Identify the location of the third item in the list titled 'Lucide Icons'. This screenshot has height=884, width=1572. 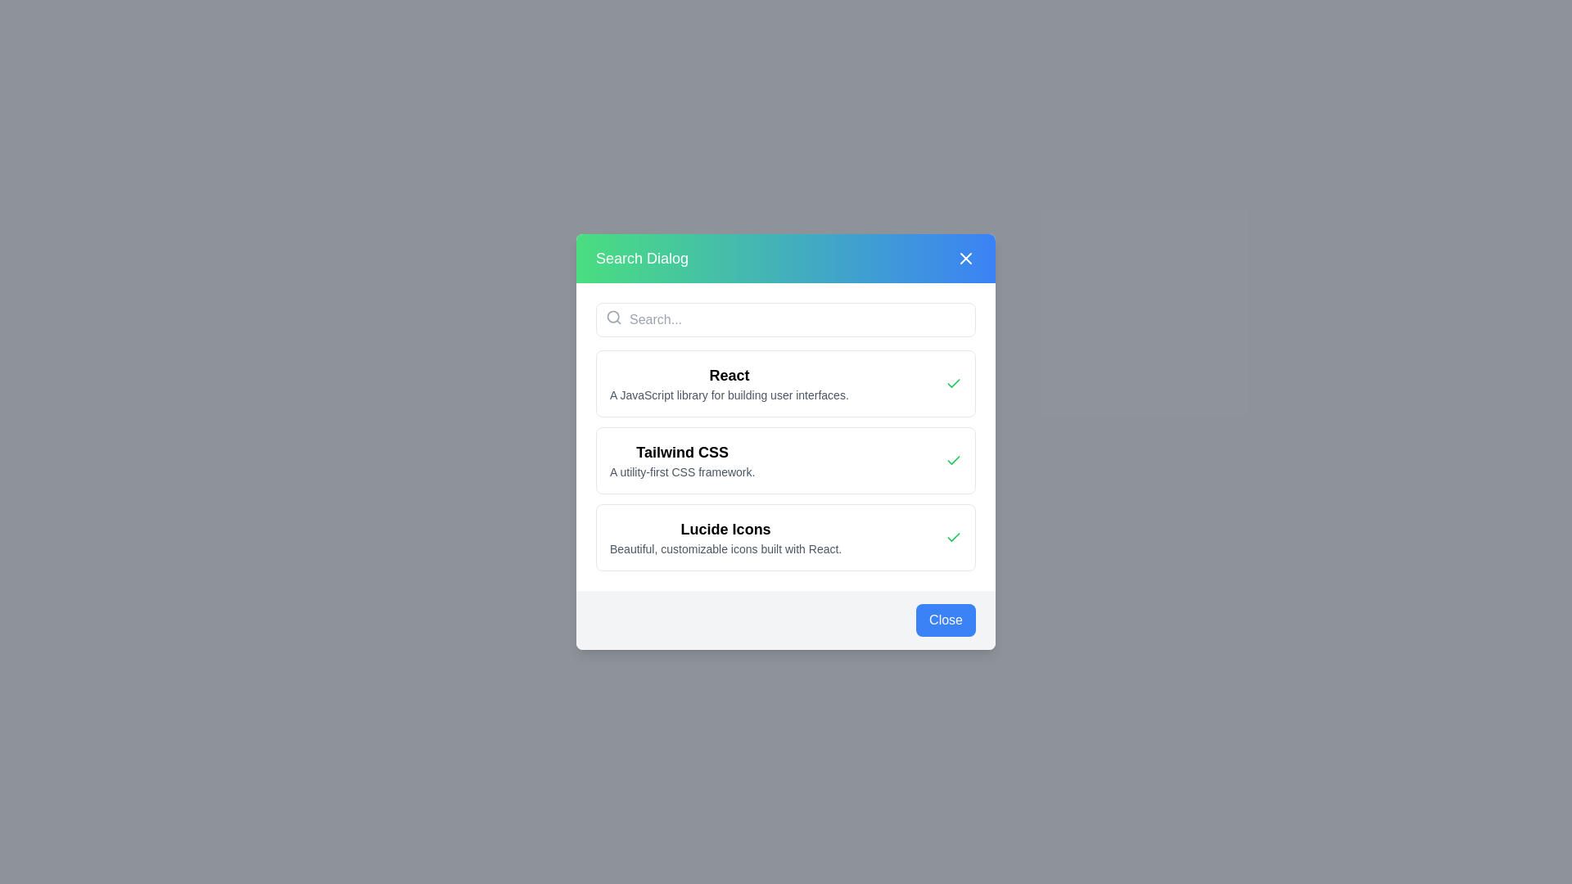
(786, 537).